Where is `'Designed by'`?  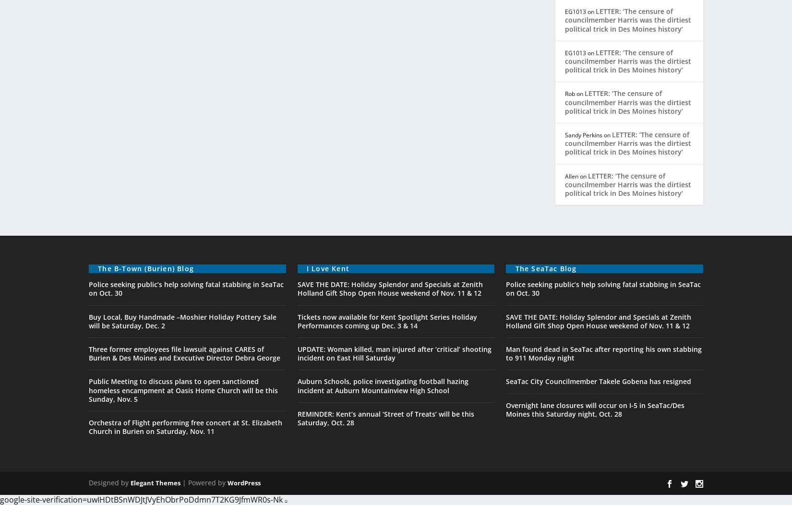
'Designed by' is located at coordinates (109, 482).